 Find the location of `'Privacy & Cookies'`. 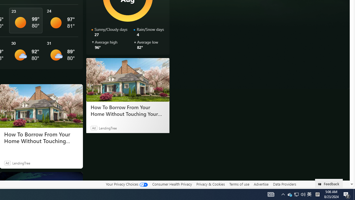

'Privacy & Cookies' is located at coordinates (210, 184).